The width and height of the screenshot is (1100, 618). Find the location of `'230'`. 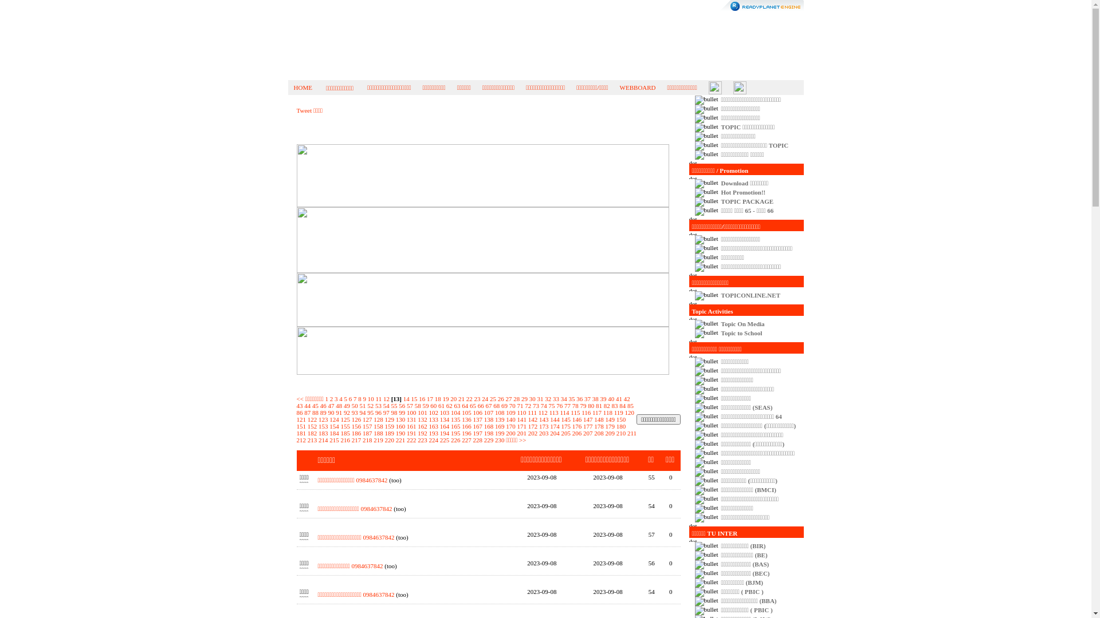

'230' is located at coordinates (500, 439).